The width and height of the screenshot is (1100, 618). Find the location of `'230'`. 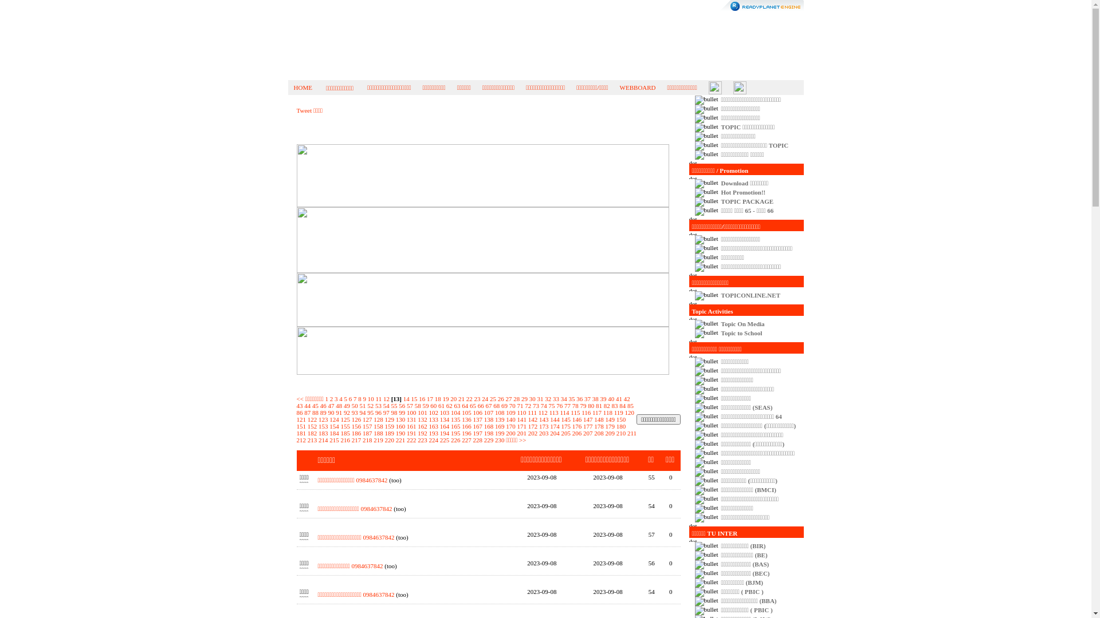

'230' is located at coordinates (500, 439).